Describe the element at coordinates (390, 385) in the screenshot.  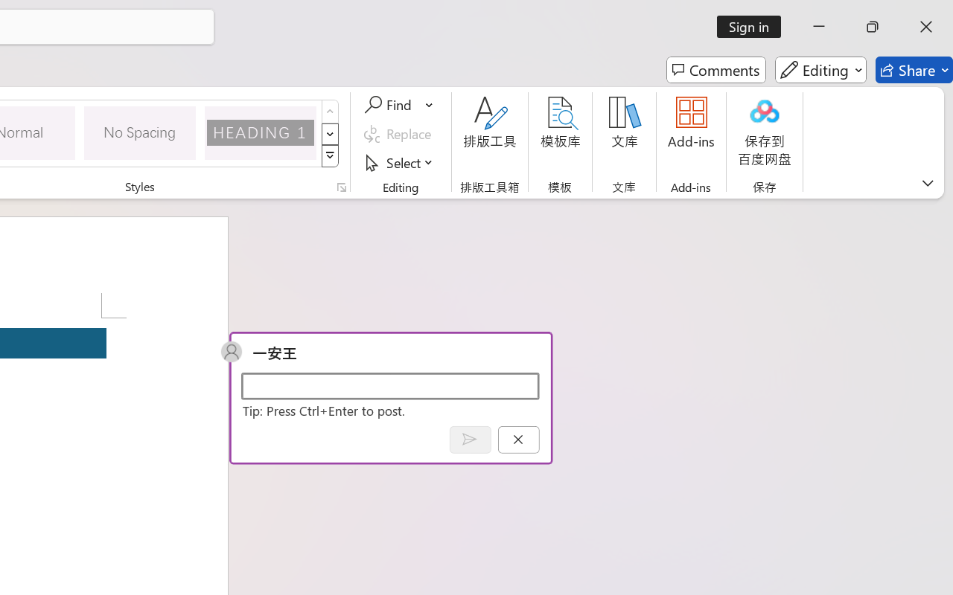
I see `'Start a conversation'` at that location.